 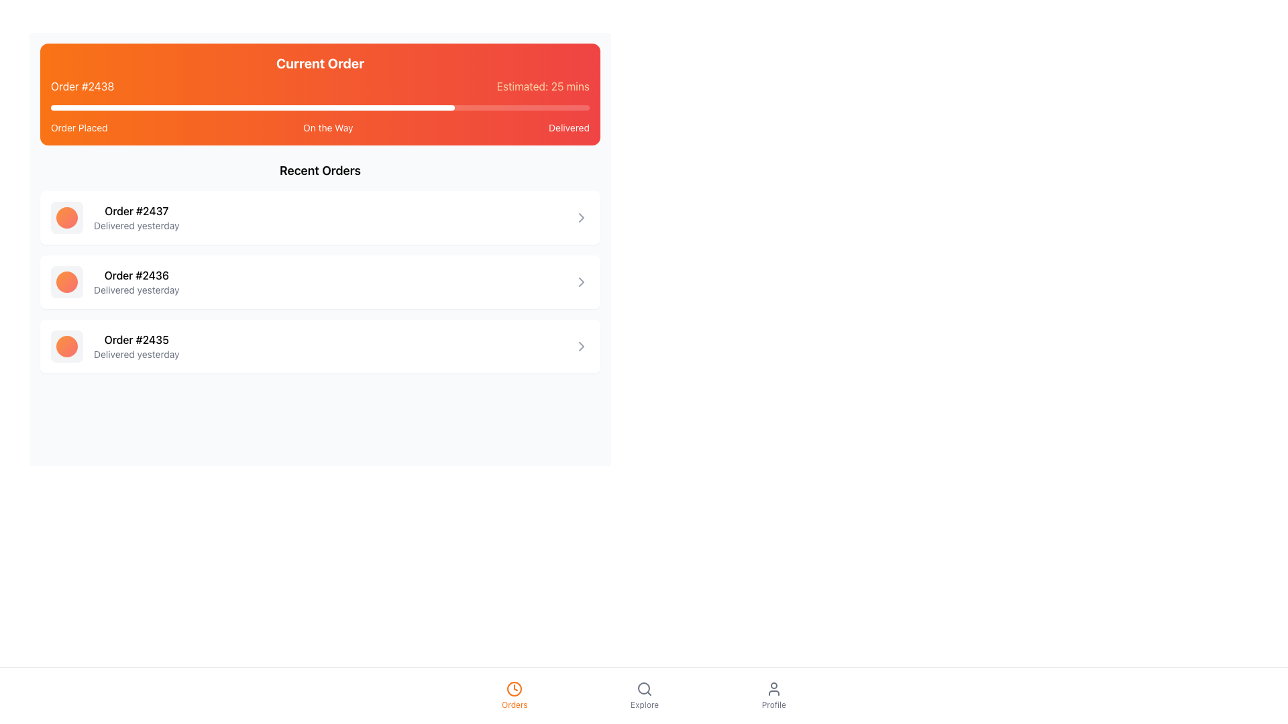 I want to click on the text block displaying information about the completed order, specifically the first element in the 'Recent Orders' section that shows the order number and its status, so click(x=136, y=217).